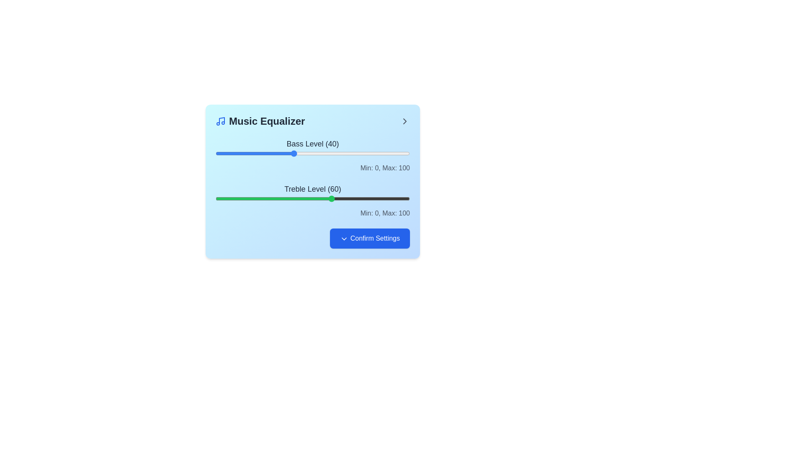 The height and width of the screenshot is (452, 804). What do you see at coordinates (221, 121) in the screenshot?
I see `the music equalizer icon located to the left of the 'Music Equalizer' text in the header of the panel` at bounding box center [221, 121].